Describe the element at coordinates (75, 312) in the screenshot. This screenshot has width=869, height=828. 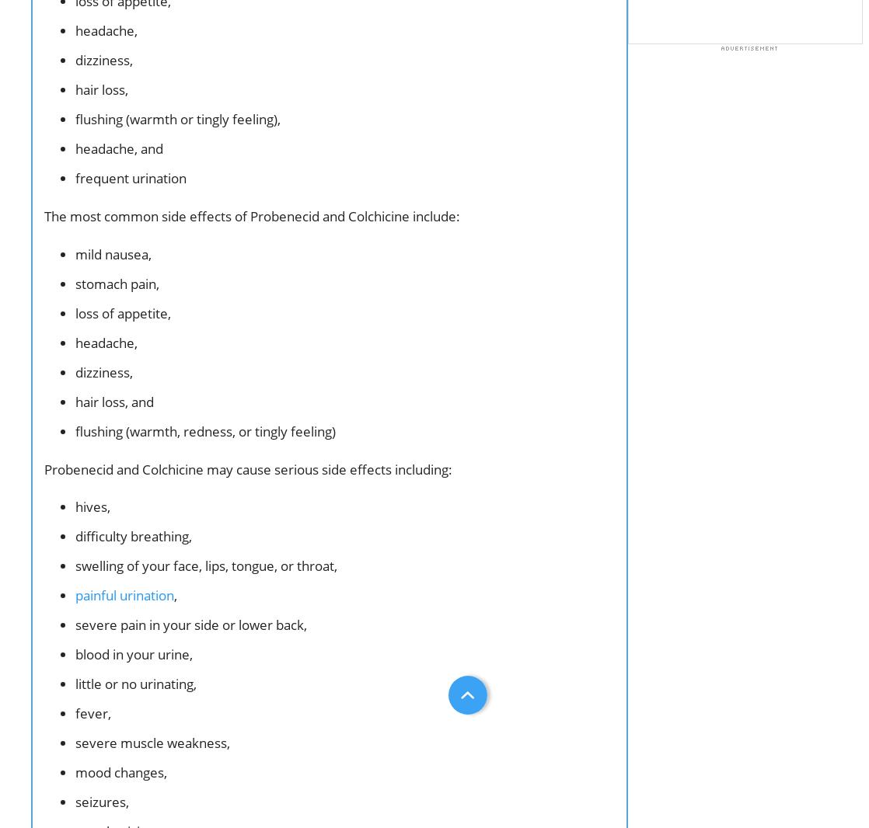
I see `'loss of appetite,'` at that location.